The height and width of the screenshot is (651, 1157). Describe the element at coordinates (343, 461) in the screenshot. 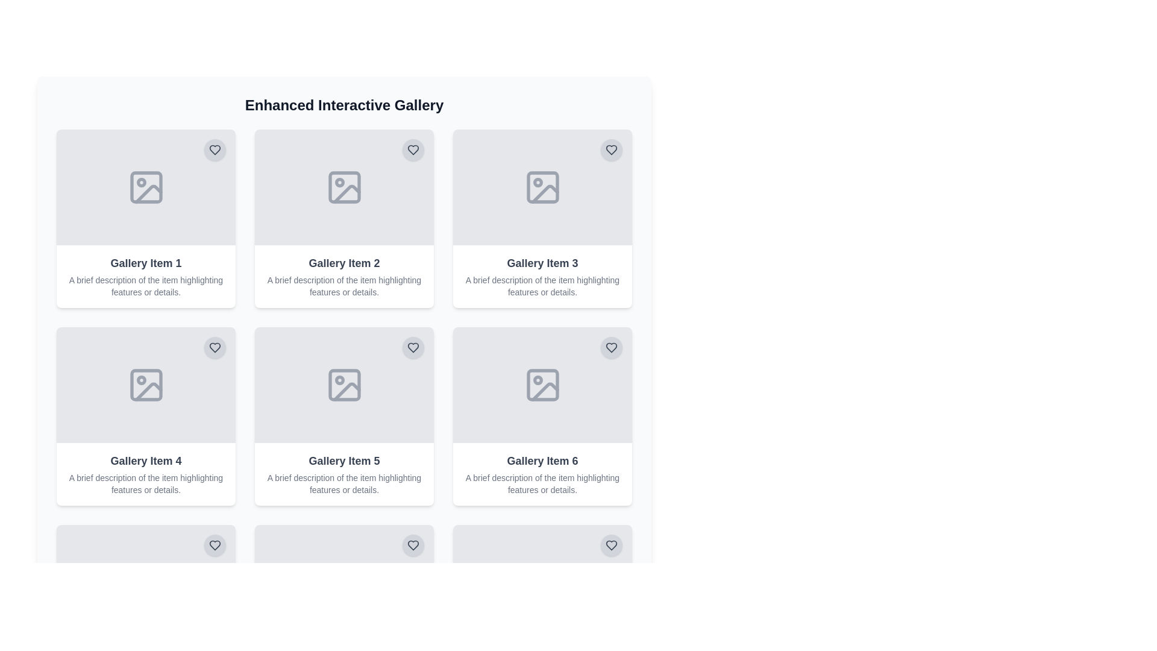

I see `text displayed in the 'Gallery Item 5' text component, which is bold and larger than the description below it, located in the second row and second column of a 2x3 grid layout` at that location.